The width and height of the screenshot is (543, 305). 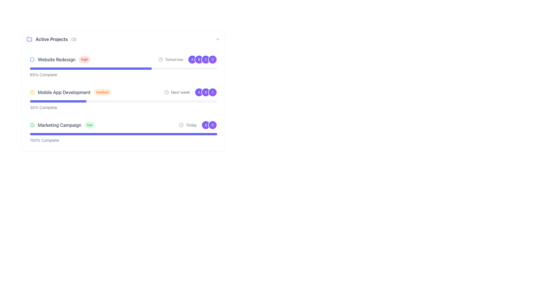 I want to click on the progress represented by the progress bar segment for the 'Mobile App Development' task, which indicates the completion percentage visually, so click(x=58, y=101).